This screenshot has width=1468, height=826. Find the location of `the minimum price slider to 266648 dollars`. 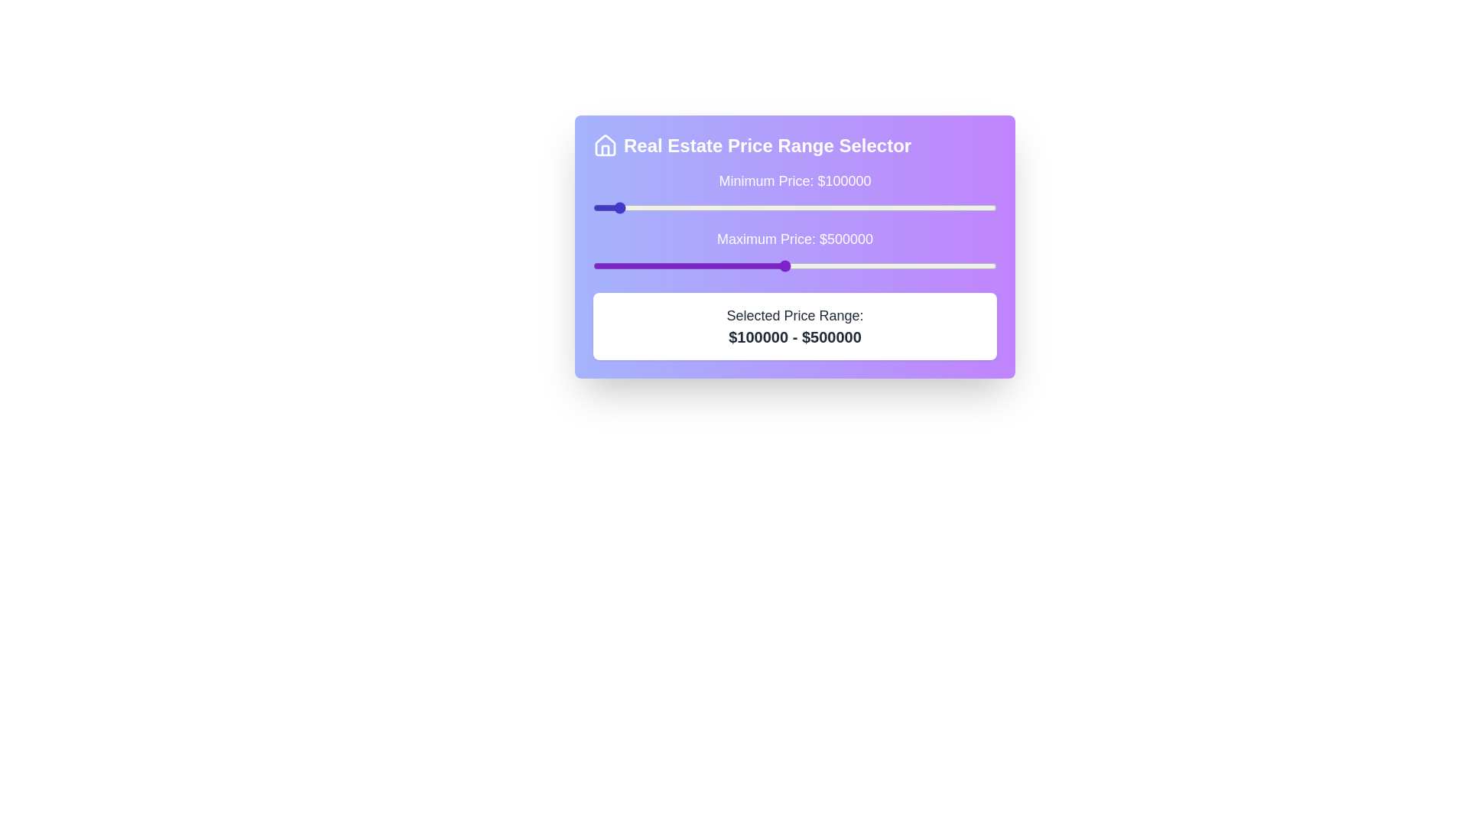

the minimum price slider to 266648 dollars is located at coordinates (684, 208).